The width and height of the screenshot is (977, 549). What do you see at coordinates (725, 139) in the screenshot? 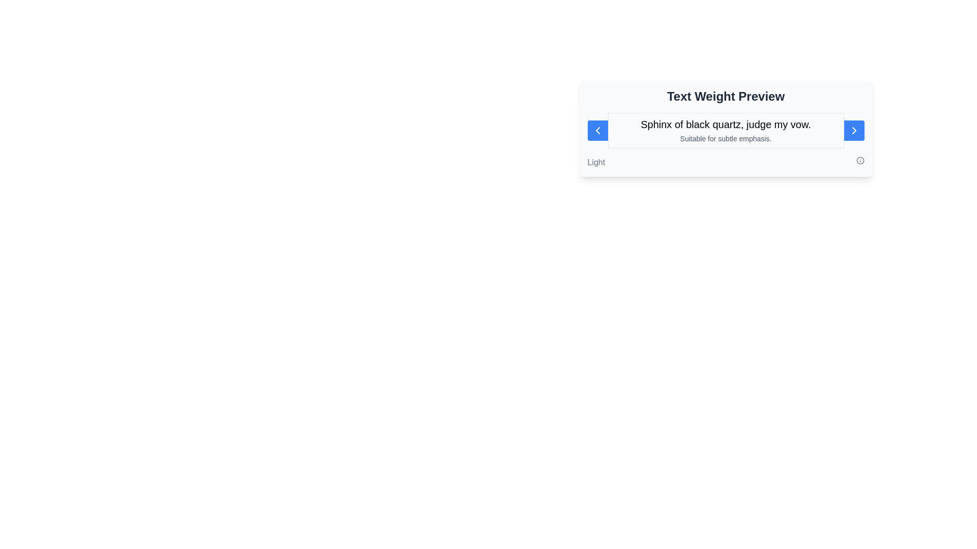
I see `text label displaying 'Suitable for subtle emphasis.' which is styled with a smaller gray font and positioned directly below the main text within the interface` at bounding box center [725, 139].